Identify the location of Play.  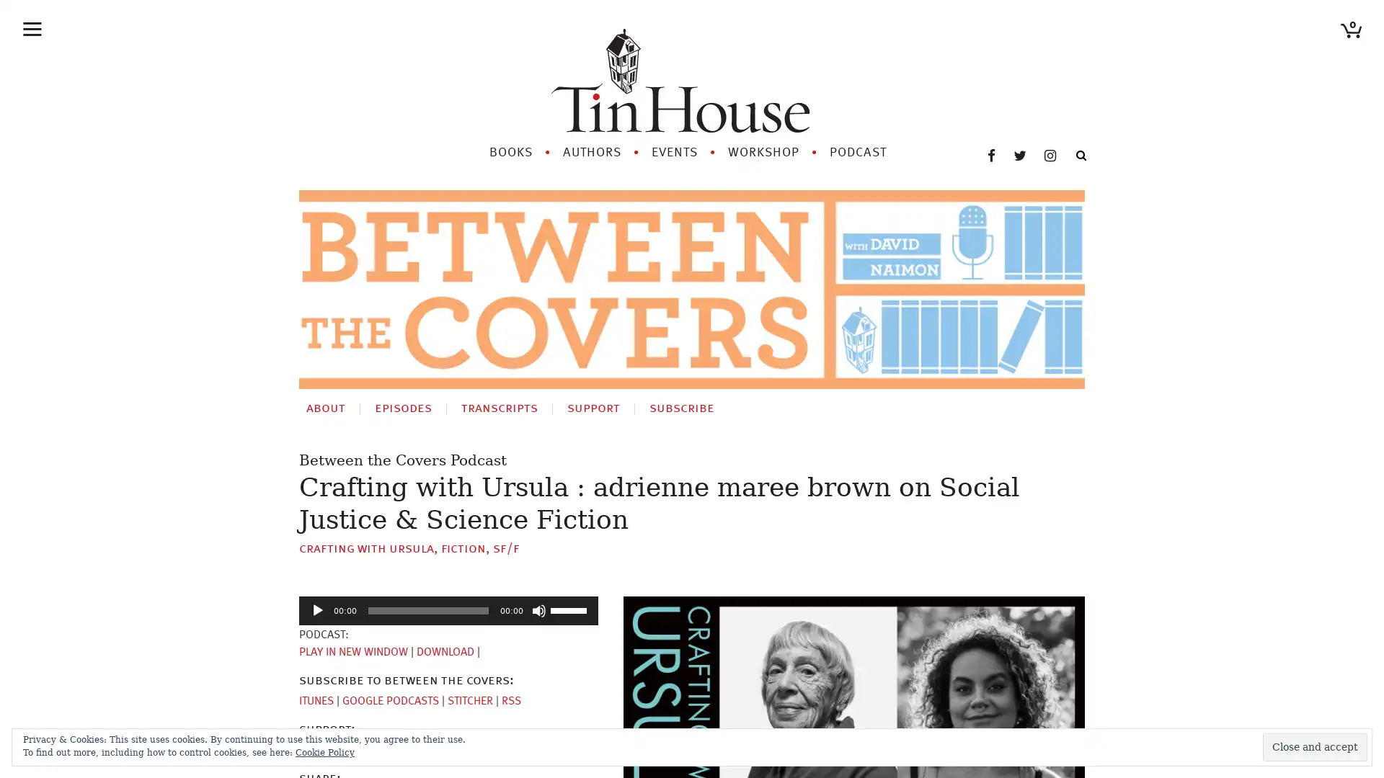
(317, 610).